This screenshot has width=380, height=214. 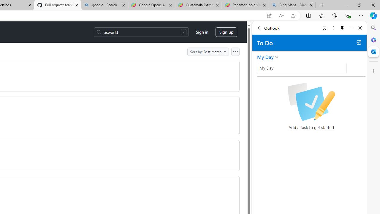 What do you see at coordinates (151, 5) in the screenshot?
I see `'Google Opens AI Academy for Startups - Nearshore Americas'` at bounding box center [151, 5].